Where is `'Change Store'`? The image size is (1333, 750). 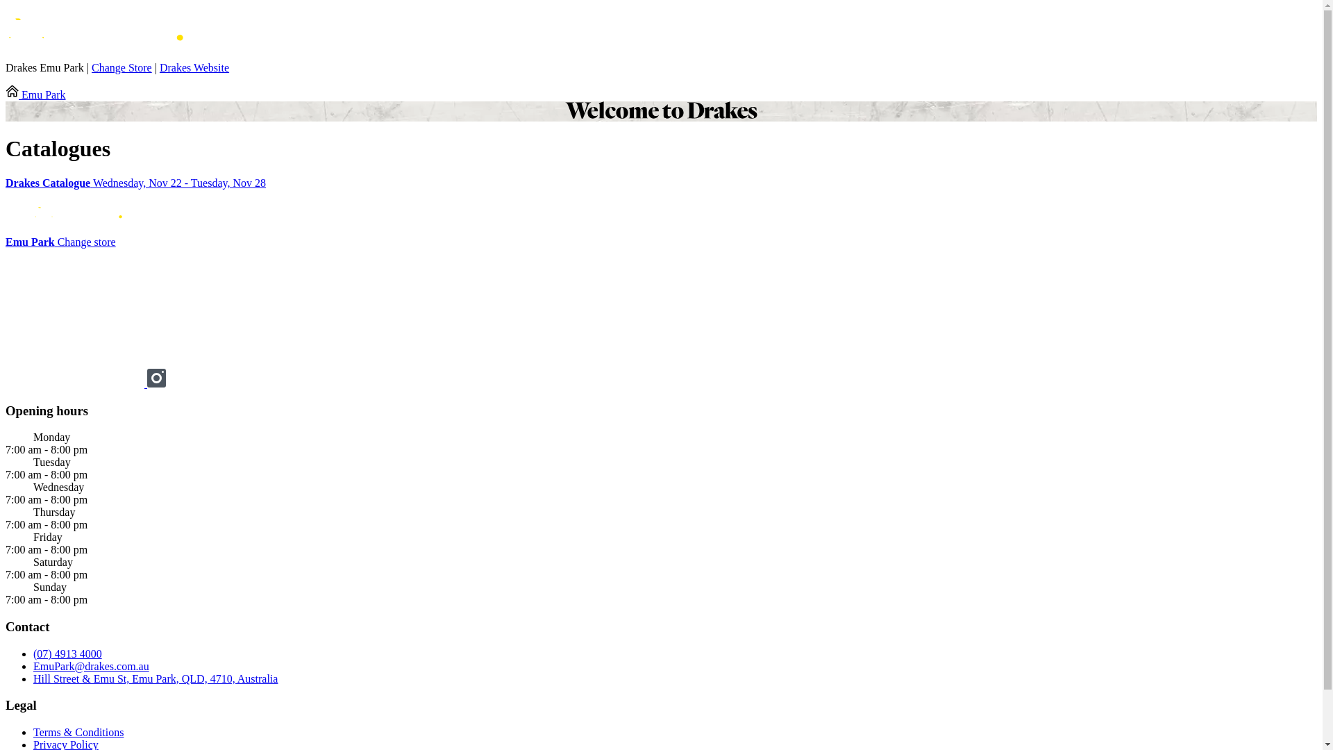 'Change Store' is located at coordinates (121, 67).